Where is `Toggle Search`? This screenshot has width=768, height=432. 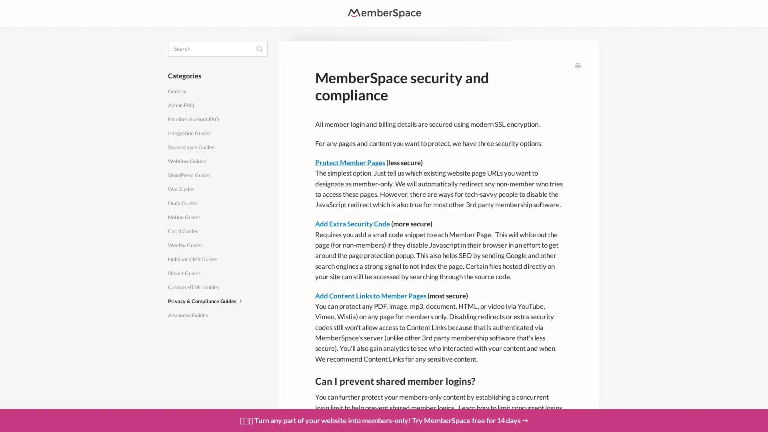
Toggle Search is located at coordinates (259, 48).